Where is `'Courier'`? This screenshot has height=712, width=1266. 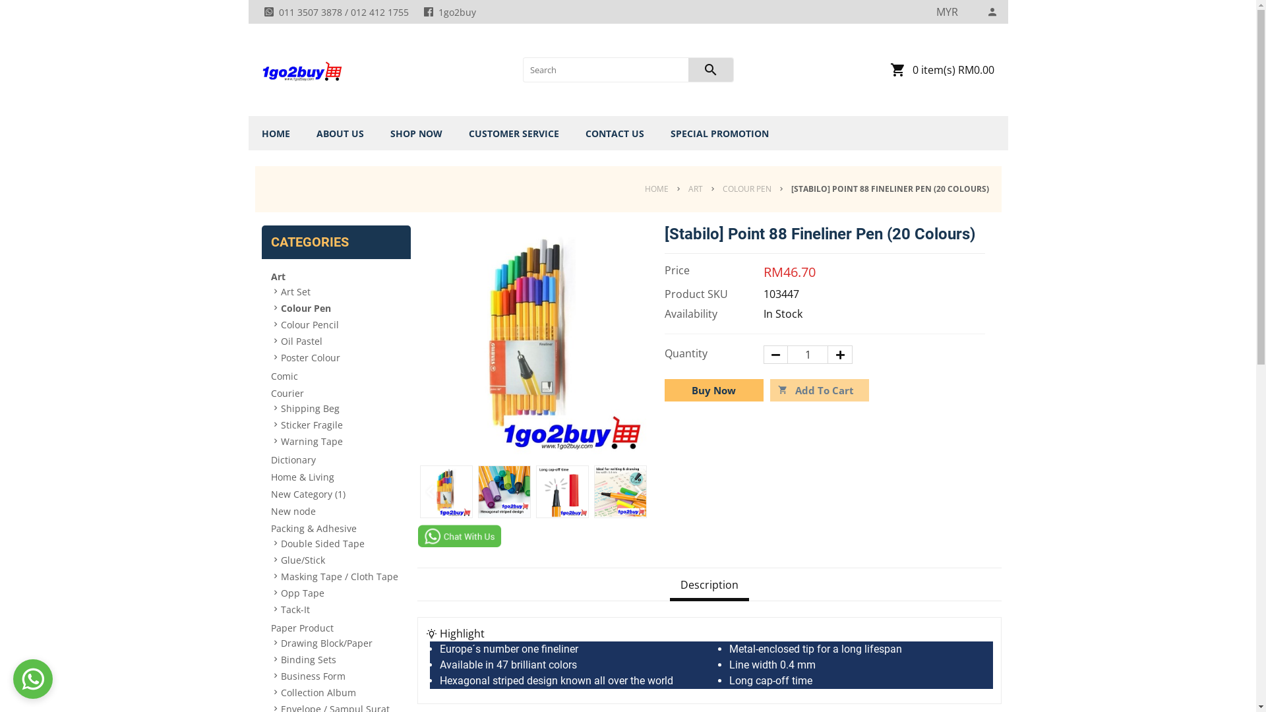 'Courier' is located at coordinates (335, 392).